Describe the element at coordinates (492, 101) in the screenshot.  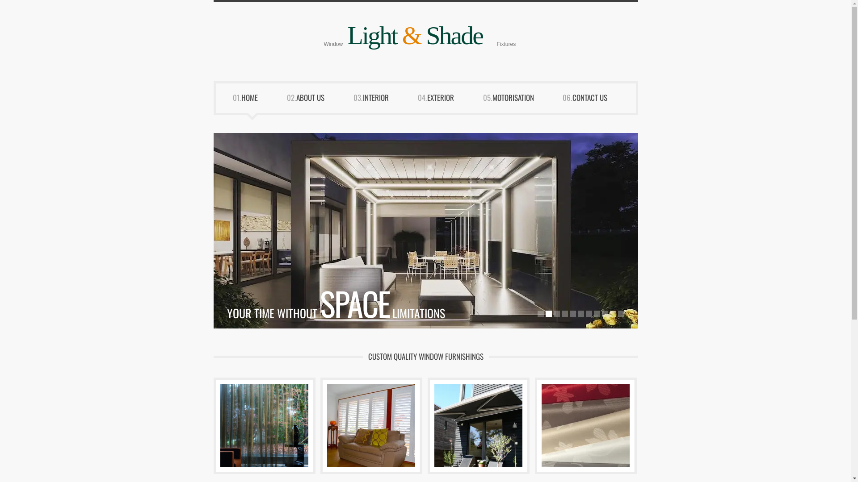
I see `'MOTORISATION'` at that location.